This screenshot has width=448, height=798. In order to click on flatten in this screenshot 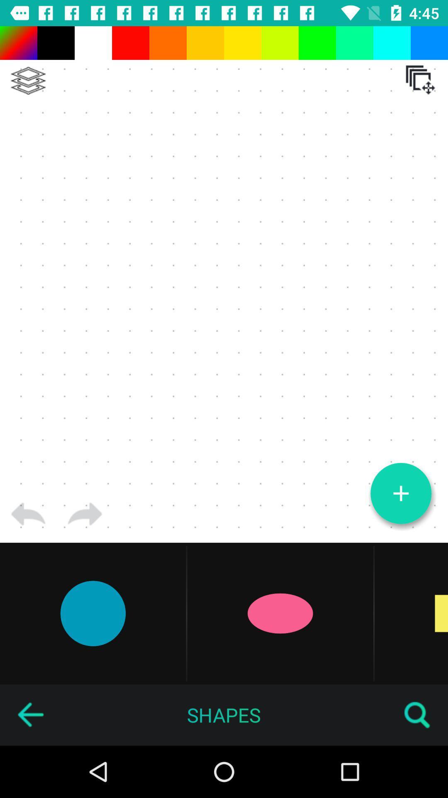, I will do `click(28, 81)`.